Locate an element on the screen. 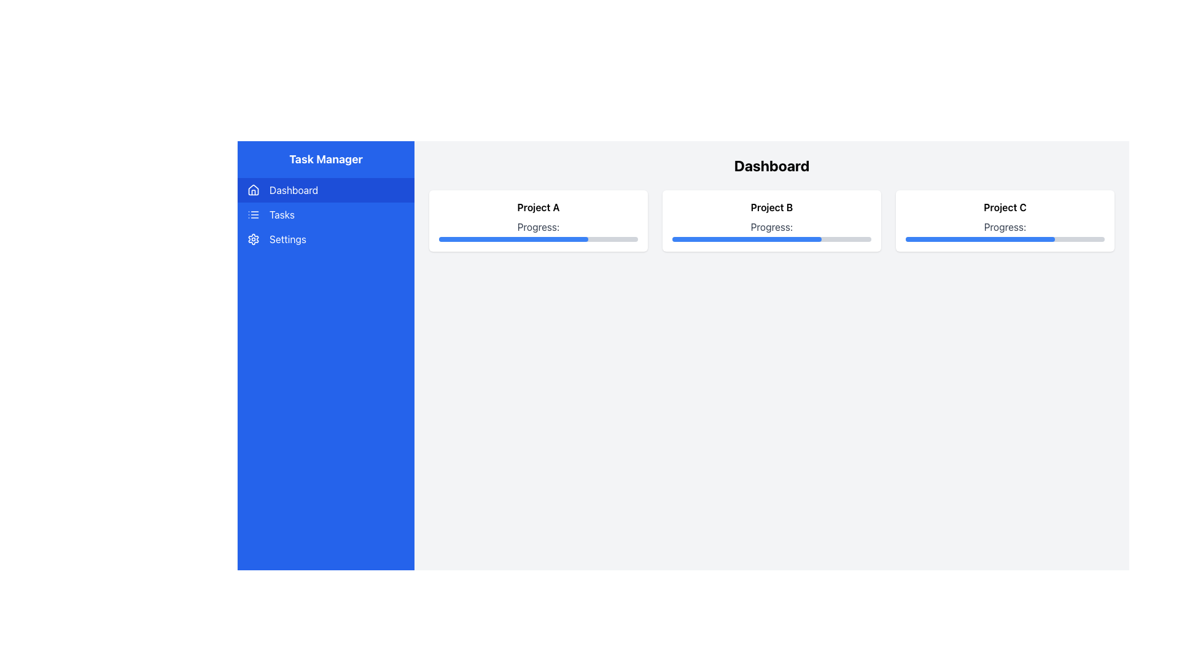 This screenshot has width=1179, height=663. the horizontal progress bar located under the label 'Progress:' in the card labeled 'Project B' at the center of the dashboard is located at coordinates (771, 239).